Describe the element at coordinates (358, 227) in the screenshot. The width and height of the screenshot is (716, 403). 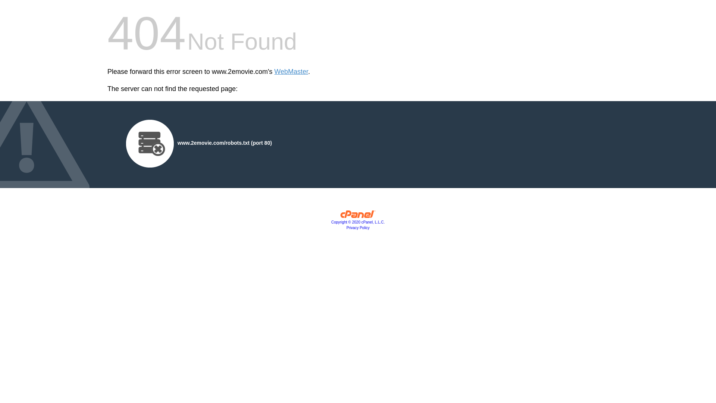
I see `'Privacy Policy'` at that location.